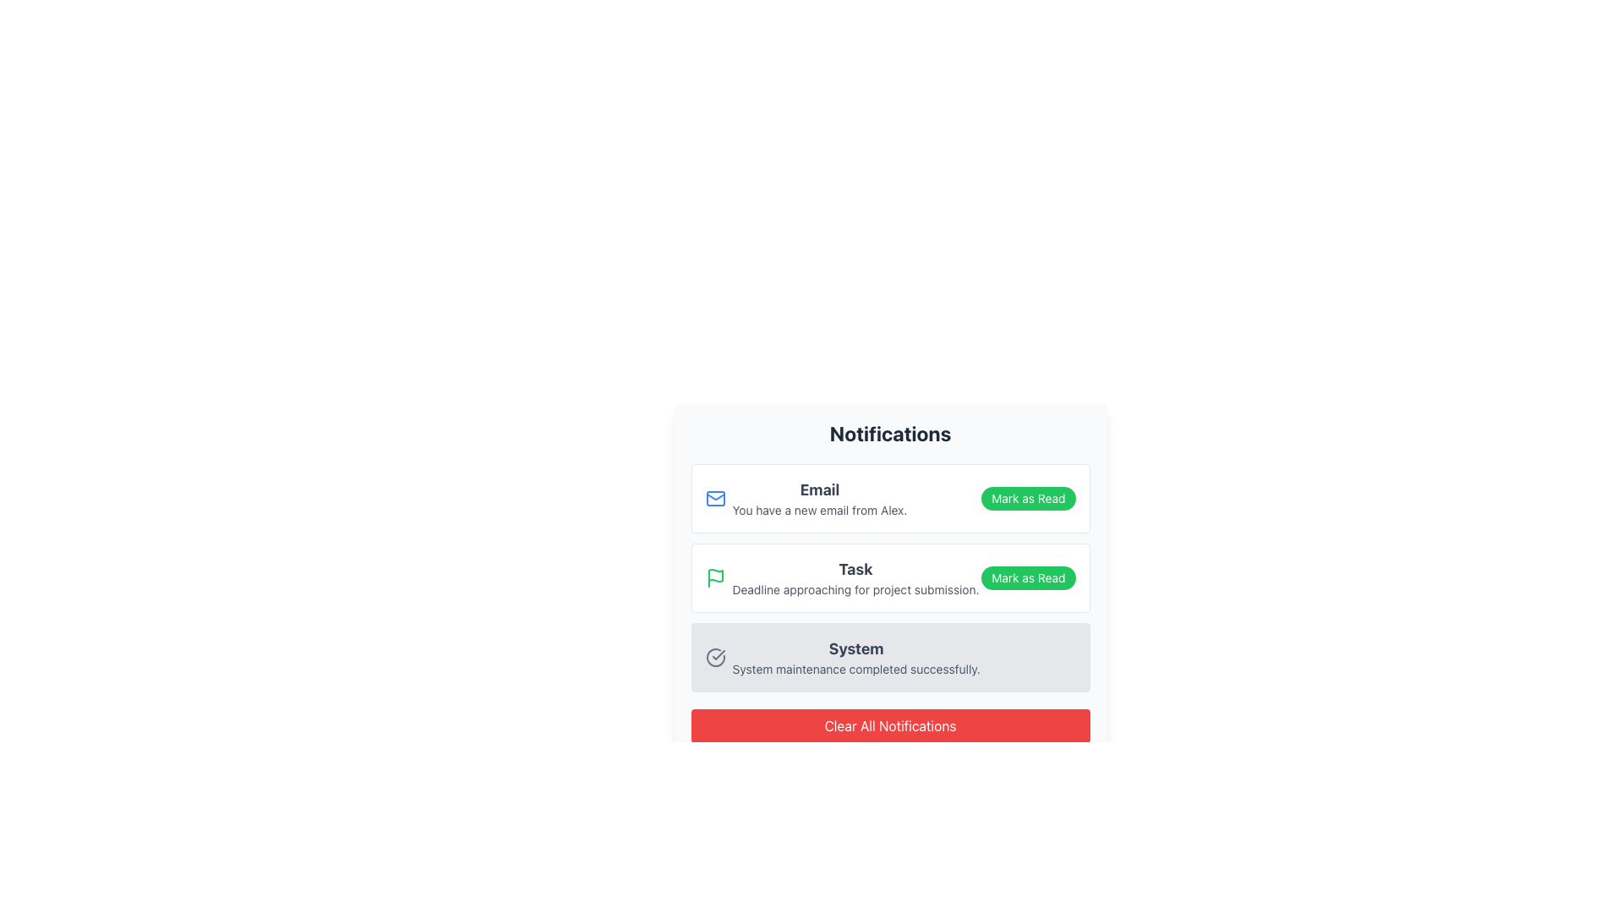 Image resolution: width=1623 pixels, height=913 pixels. What do you see at coordinates (715, 498) in the screenshot?
I see `the email notification represented by the envelope icon located within the SVG graphic component, positioned to the left of the 'Email' text label` at bounding box center [715, 498].